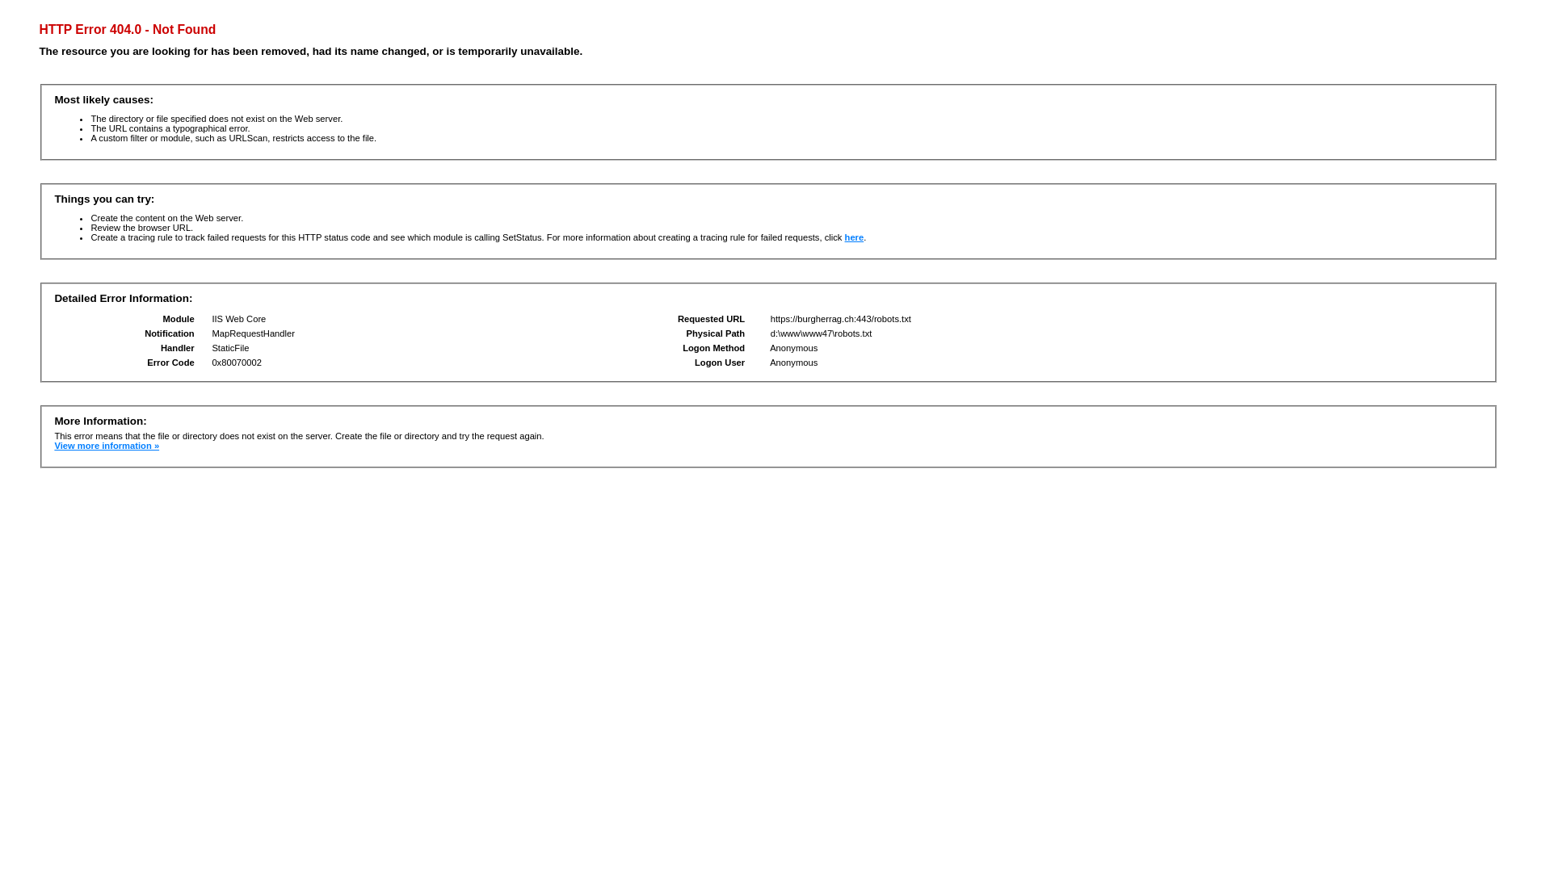 The image size is (1551, 872). What do you see at coordinates (844, 237) in the screenshot?
I see `'here'` at bounding box center [844, 237].